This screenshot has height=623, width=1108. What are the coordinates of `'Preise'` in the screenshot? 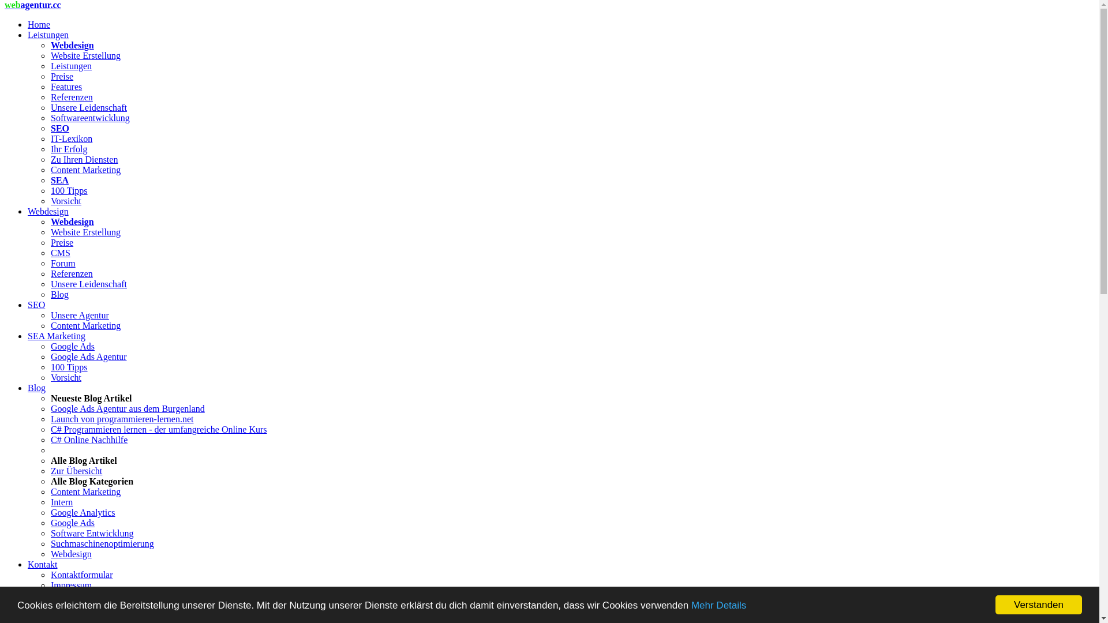 It's located at (61, 76).